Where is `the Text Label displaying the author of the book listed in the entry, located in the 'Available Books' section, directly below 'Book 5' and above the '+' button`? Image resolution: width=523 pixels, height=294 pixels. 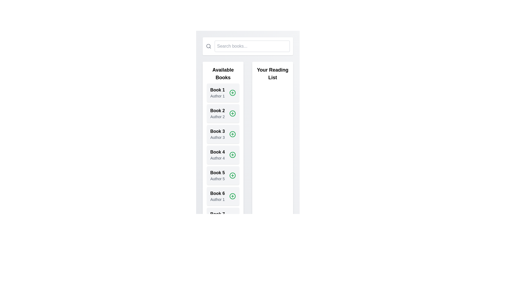
the Text Label displaying the author of the book listed in the entry, located in the 'Available Books' section, directly below 'Book 5' and above the '+' button is located at coordinates (217, 179).